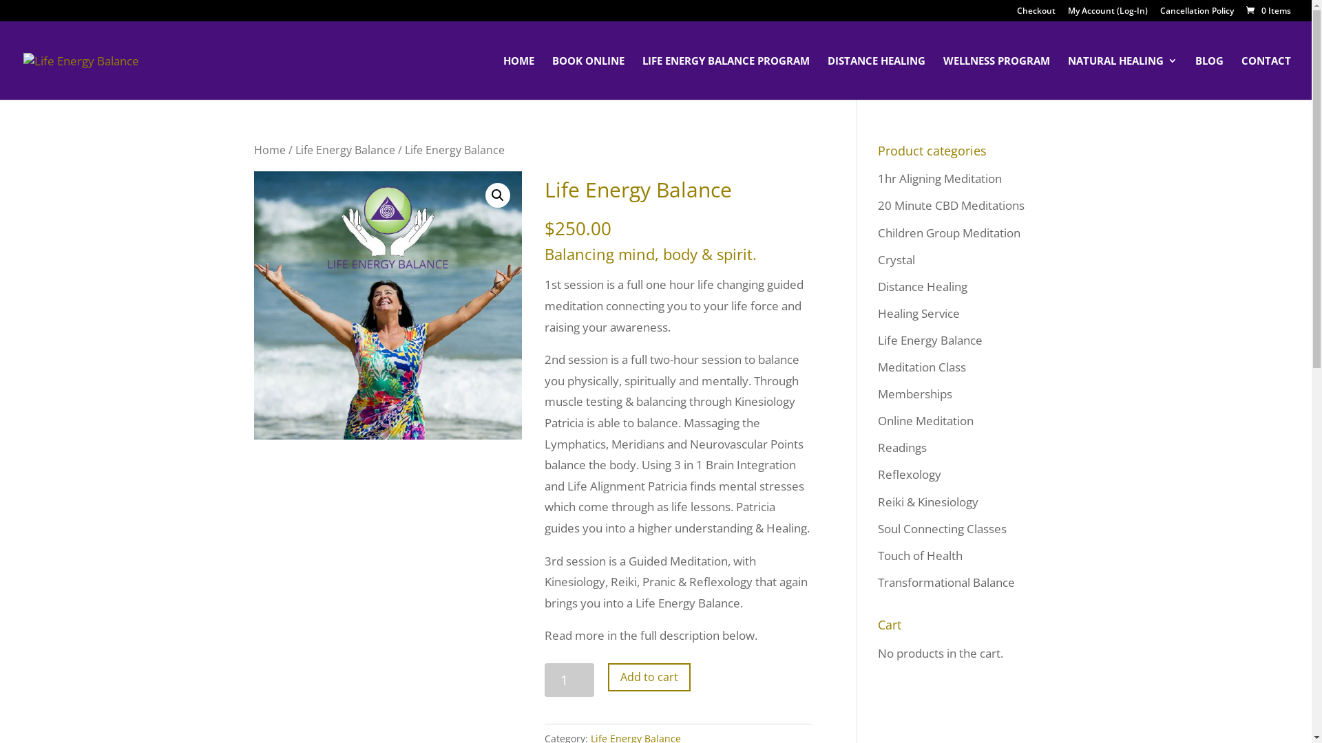 The image size is (1322, 743). Describe the element at coordinates (925, 420) in the screenshot. I see `'Online Meditation'` at that location.